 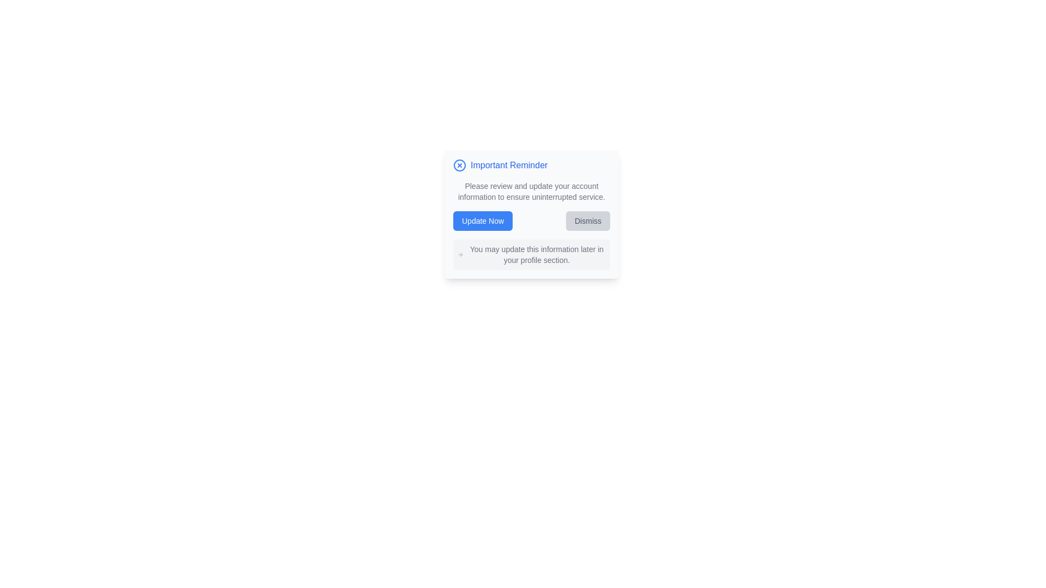 I want to click on the circular icon button with a blue outline and 'X' symbol, so click(x=460, y=166).